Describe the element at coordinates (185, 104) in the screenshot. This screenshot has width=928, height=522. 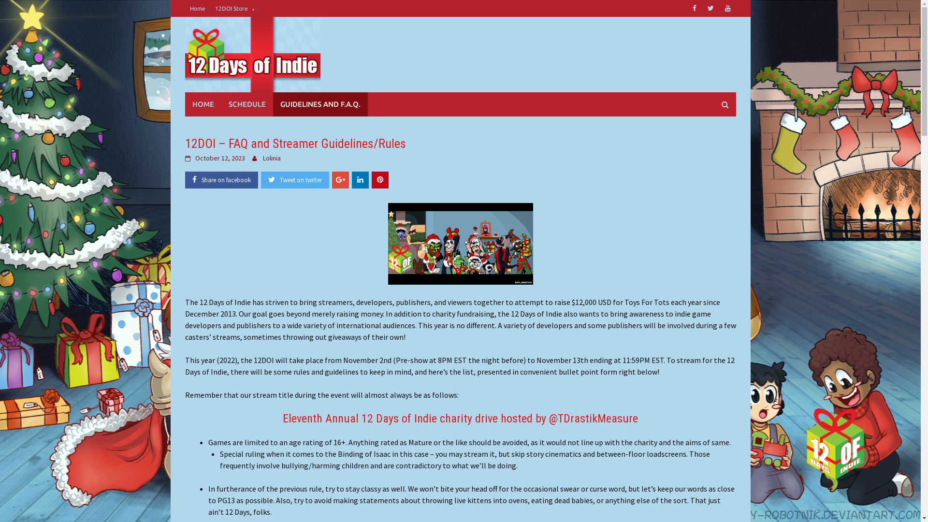
I see `'HOME'` at that location.